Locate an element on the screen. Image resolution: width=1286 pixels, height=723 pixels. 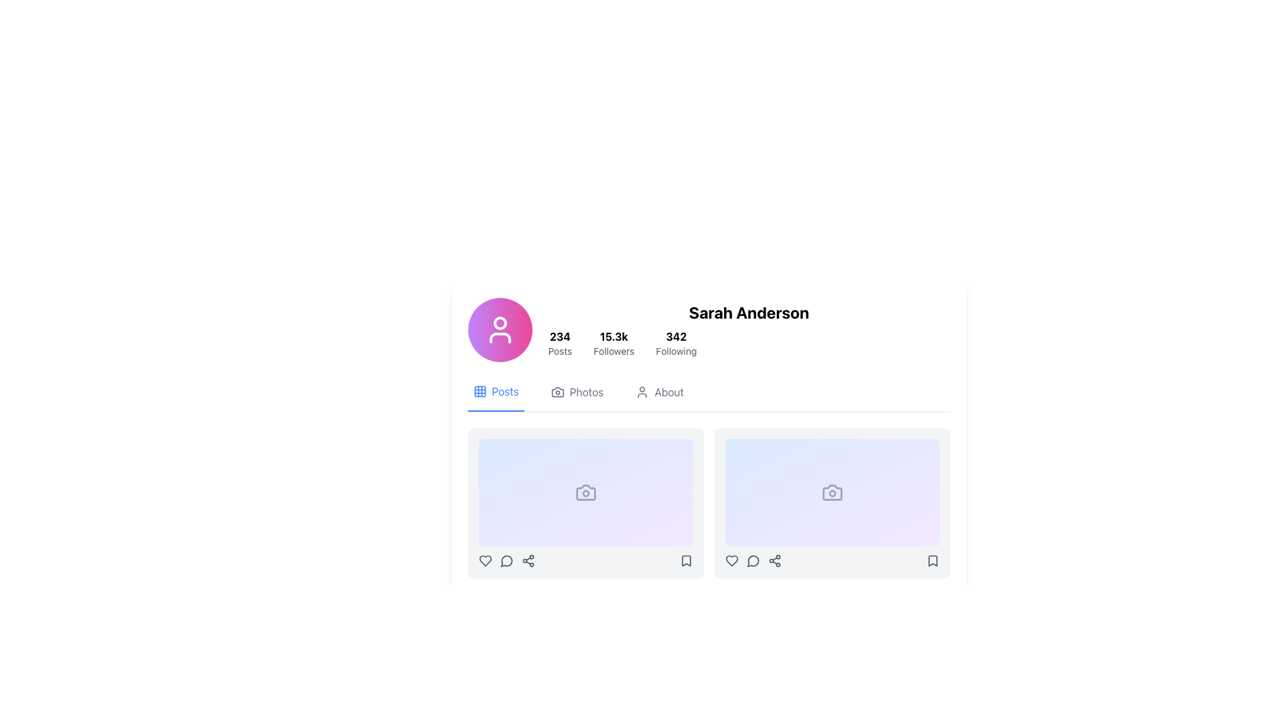
information displayed in the 'Posts' information label, which shows the count '234' above the label 'Posts' is located at coordinates (560, 343).